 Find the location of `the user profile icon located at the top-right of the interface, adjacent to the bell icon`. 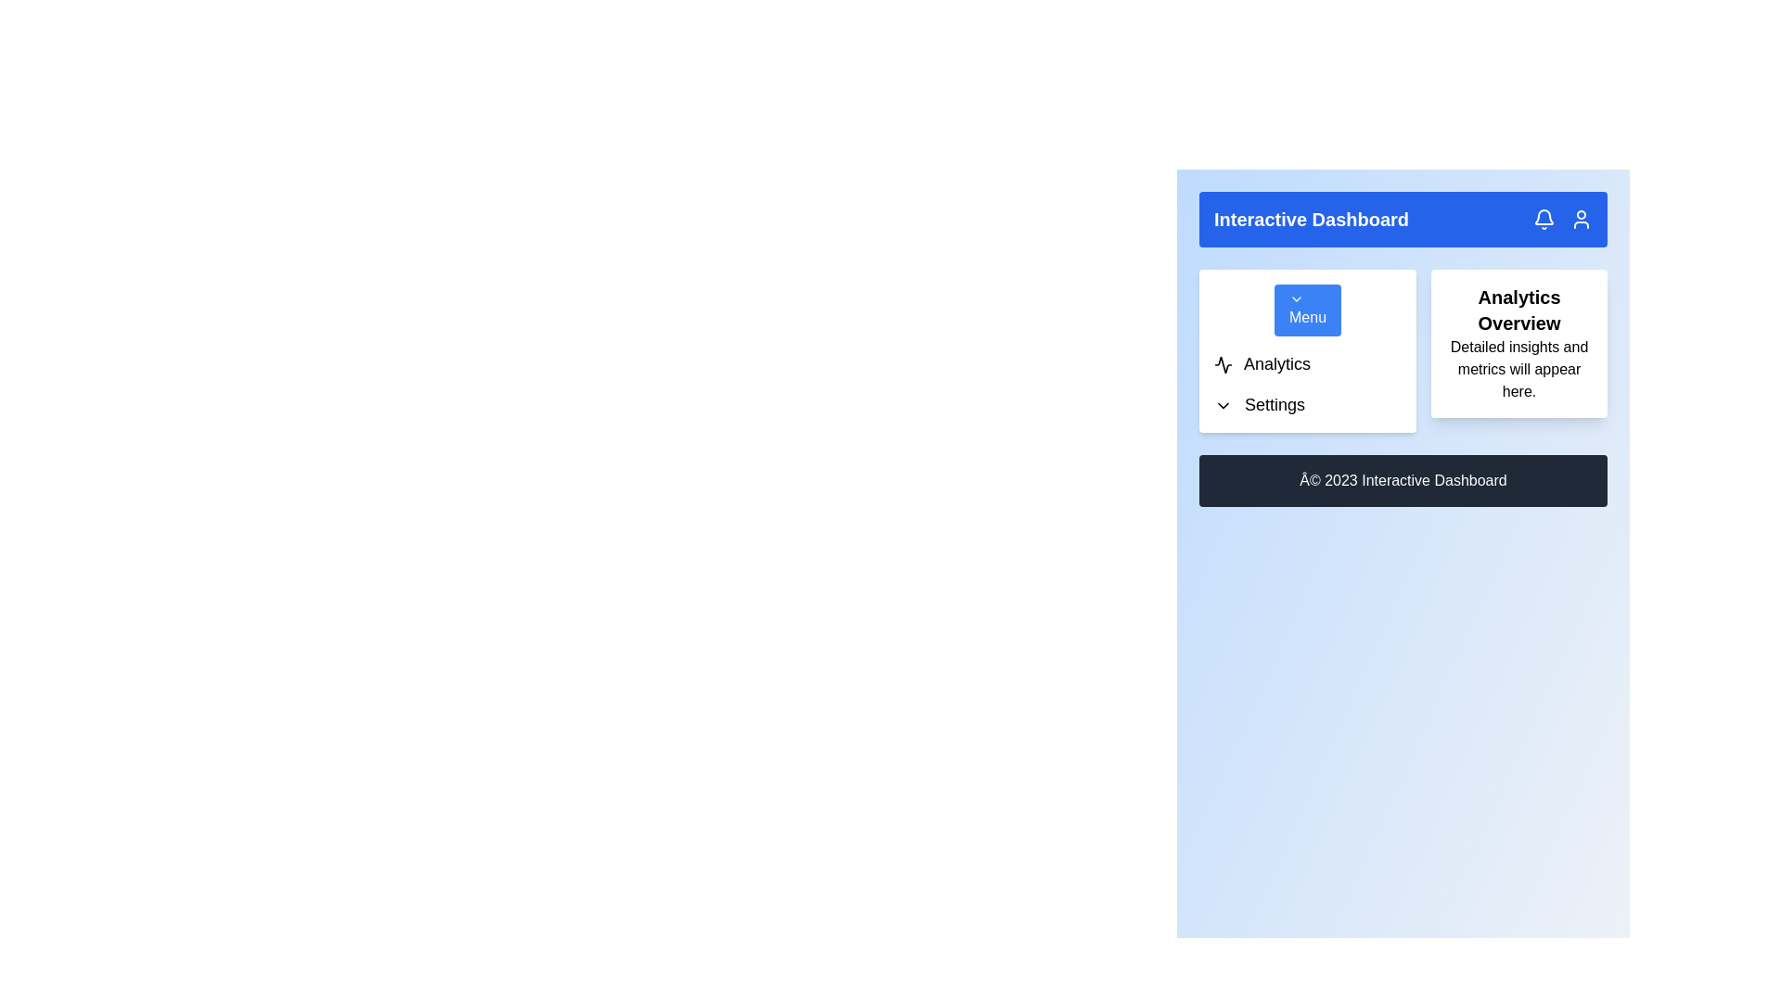

the user profile icon located at the top-right of the interface, adjacent to the bell icon is located at coordinates (1580, 218).